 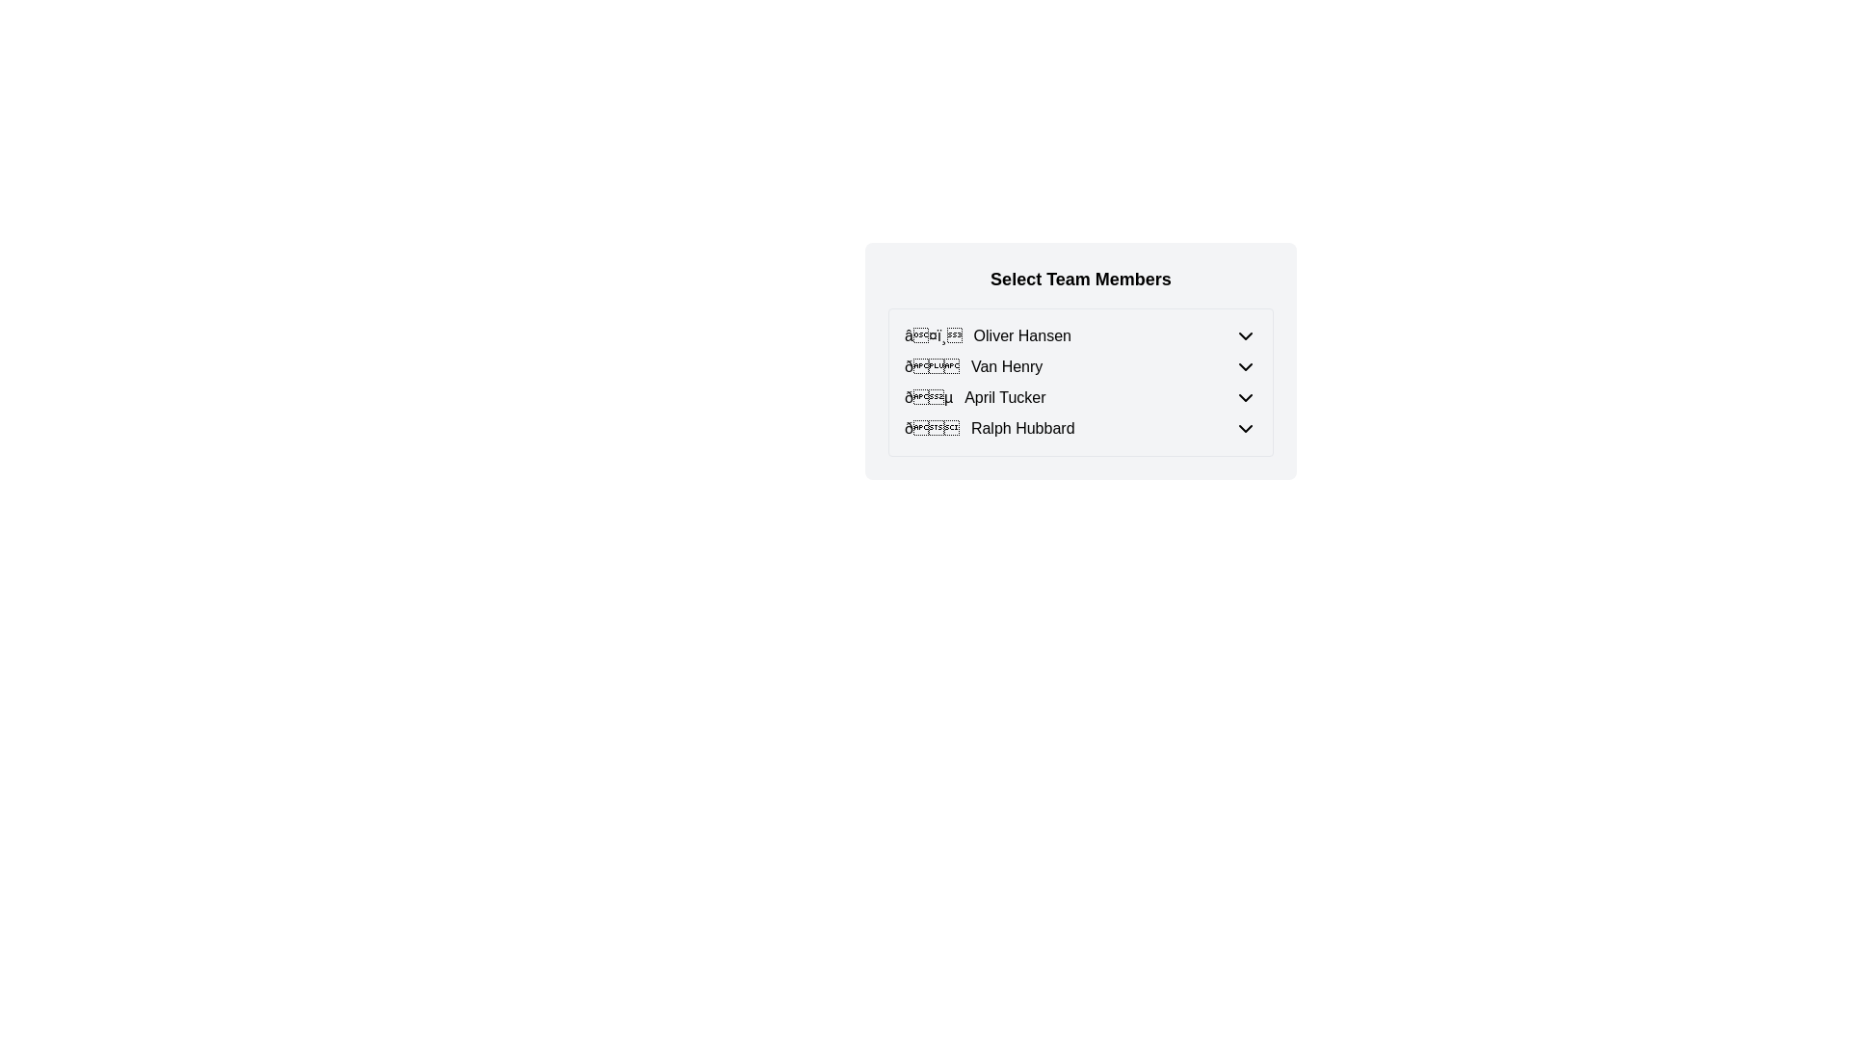 I want to click on the first list item in the 'Select Team Members' section, which displays an emoji-like heart symbol followed by the text 'Oliver Hansen', to highlight or select the name, so click(x=988, y=334).